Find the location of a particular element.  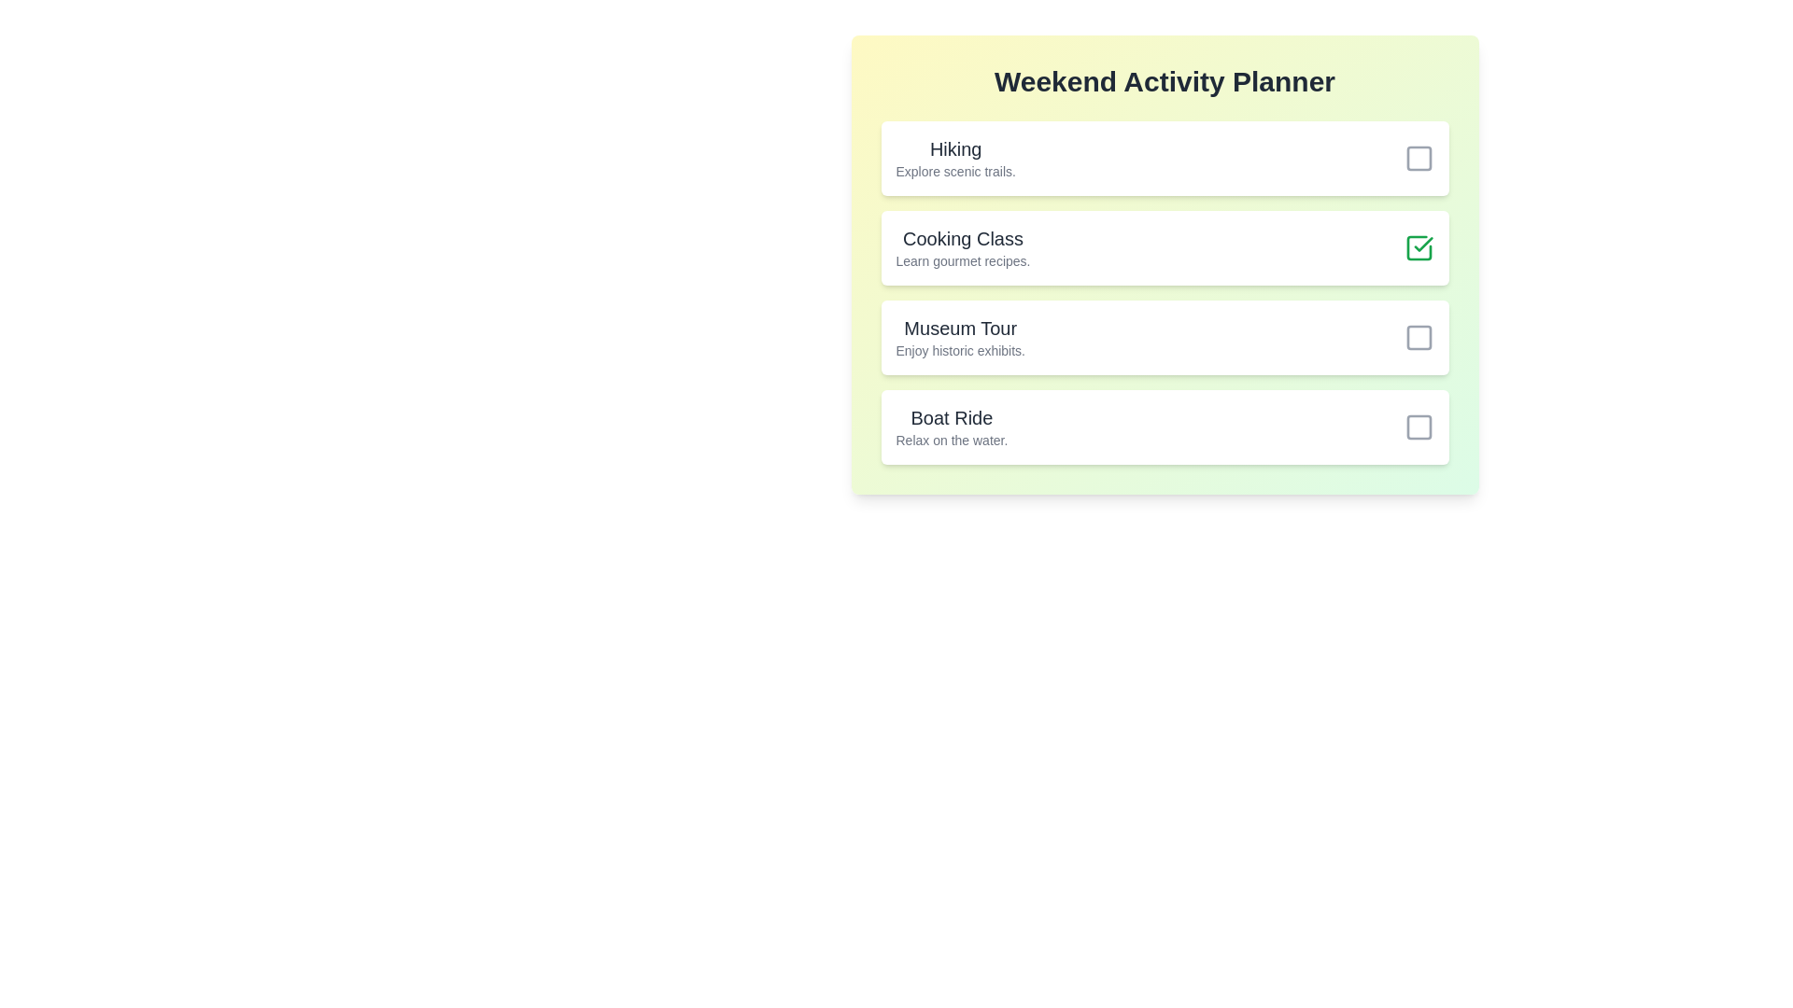

the activity 'Cooking Class' is located at coordinates (1419, 247).